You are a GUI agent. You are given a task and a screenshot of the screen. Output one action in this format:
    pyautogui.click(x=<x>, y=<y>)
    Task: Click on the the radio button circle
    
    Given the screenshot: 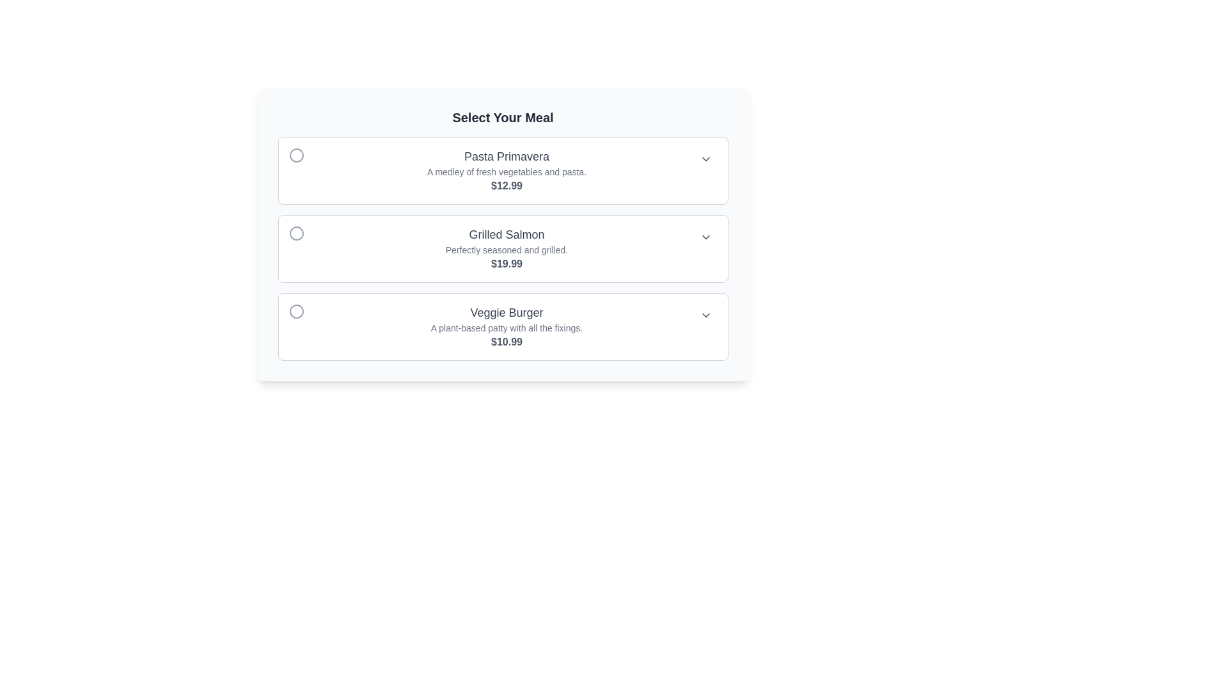 What is the action you would take?
    pyautogui.click(x=303, y=155)
    